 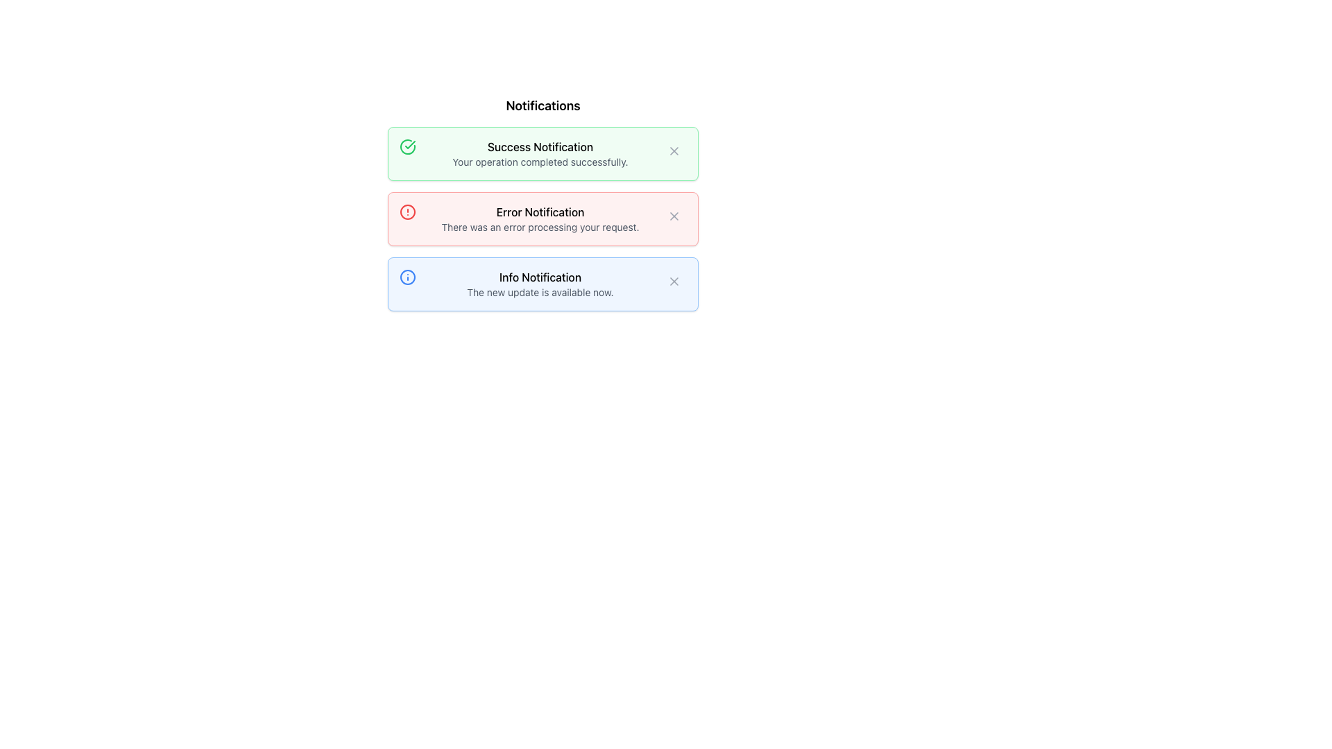 What do you see at coordinates (407, 277) in the screenshot?
I see `the circular element with a blue border located within the info notification card at the bottom of the notification stack` at bounding box center [407, 277].